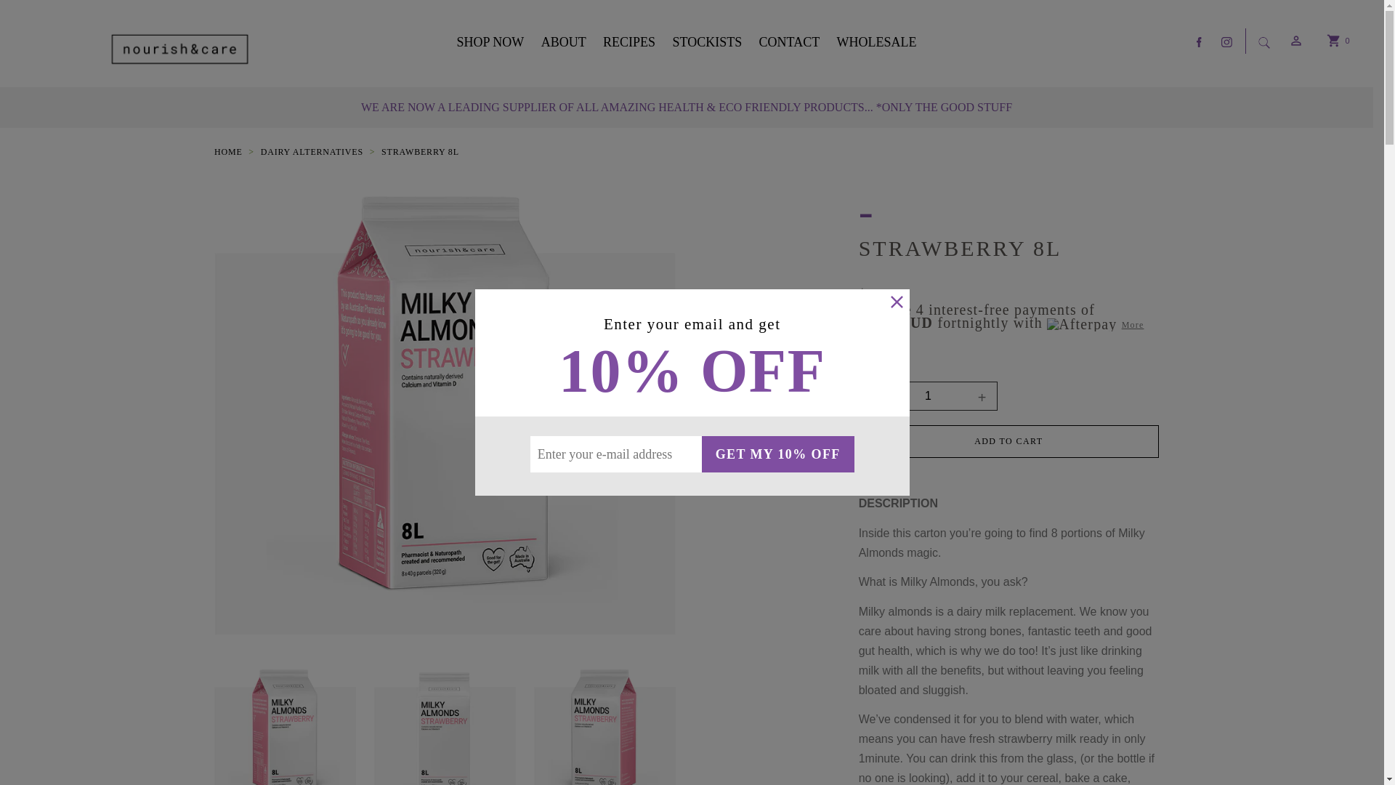 This screenshot has height=785, width=1395. I want to click on 'SHOP NOW', so click(496, 41).